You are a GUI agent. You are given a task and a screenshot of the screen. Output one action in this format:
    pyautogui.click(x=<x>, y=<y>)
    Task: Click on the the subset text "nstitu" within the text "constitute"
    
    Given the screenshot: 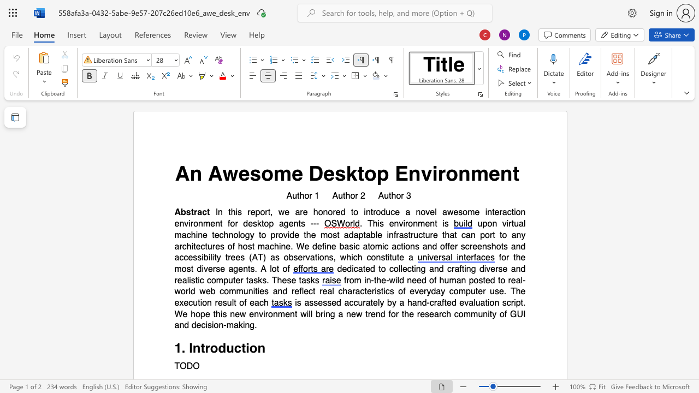 What is the action you would take?
    pyautogui.click(x=376, y=258)
    